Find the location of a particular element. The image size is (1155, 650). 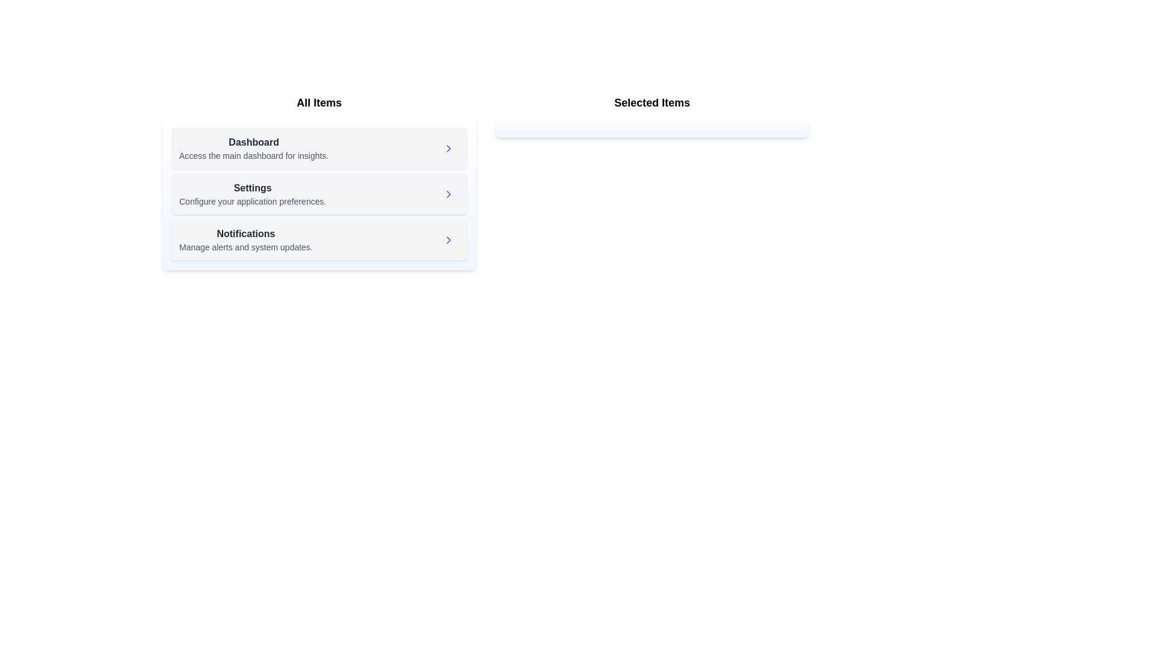

the 'Selected Items' panel to view its contents is located at coordinates (651, 182).